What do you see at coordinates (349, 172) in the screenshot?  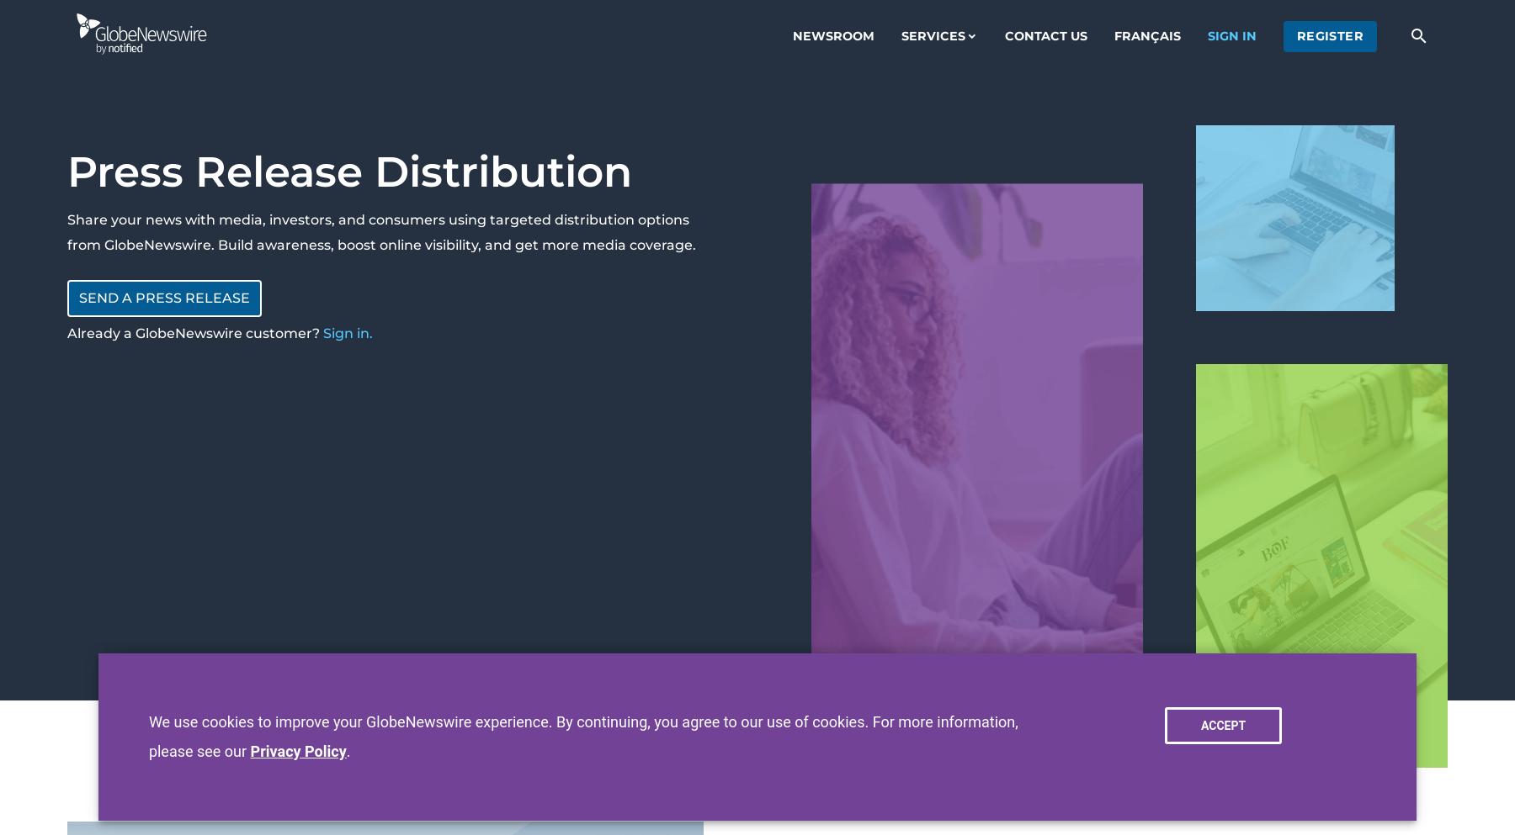 I see `'Press Release Distribution'` at bounding box center [349, 172].